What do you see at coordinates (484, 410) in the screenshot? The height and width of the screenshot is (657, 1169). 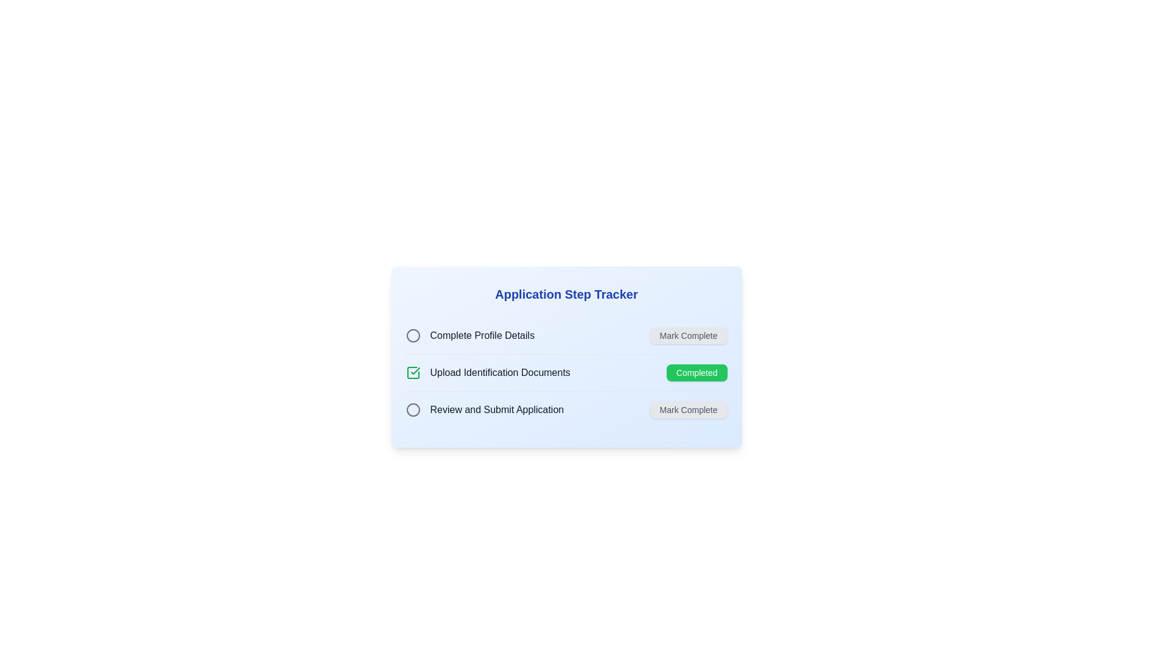 I see `the circular icon of the 'Review and Submit Application' progress step item to mark the step as complete` at bounding box center [484, 410].